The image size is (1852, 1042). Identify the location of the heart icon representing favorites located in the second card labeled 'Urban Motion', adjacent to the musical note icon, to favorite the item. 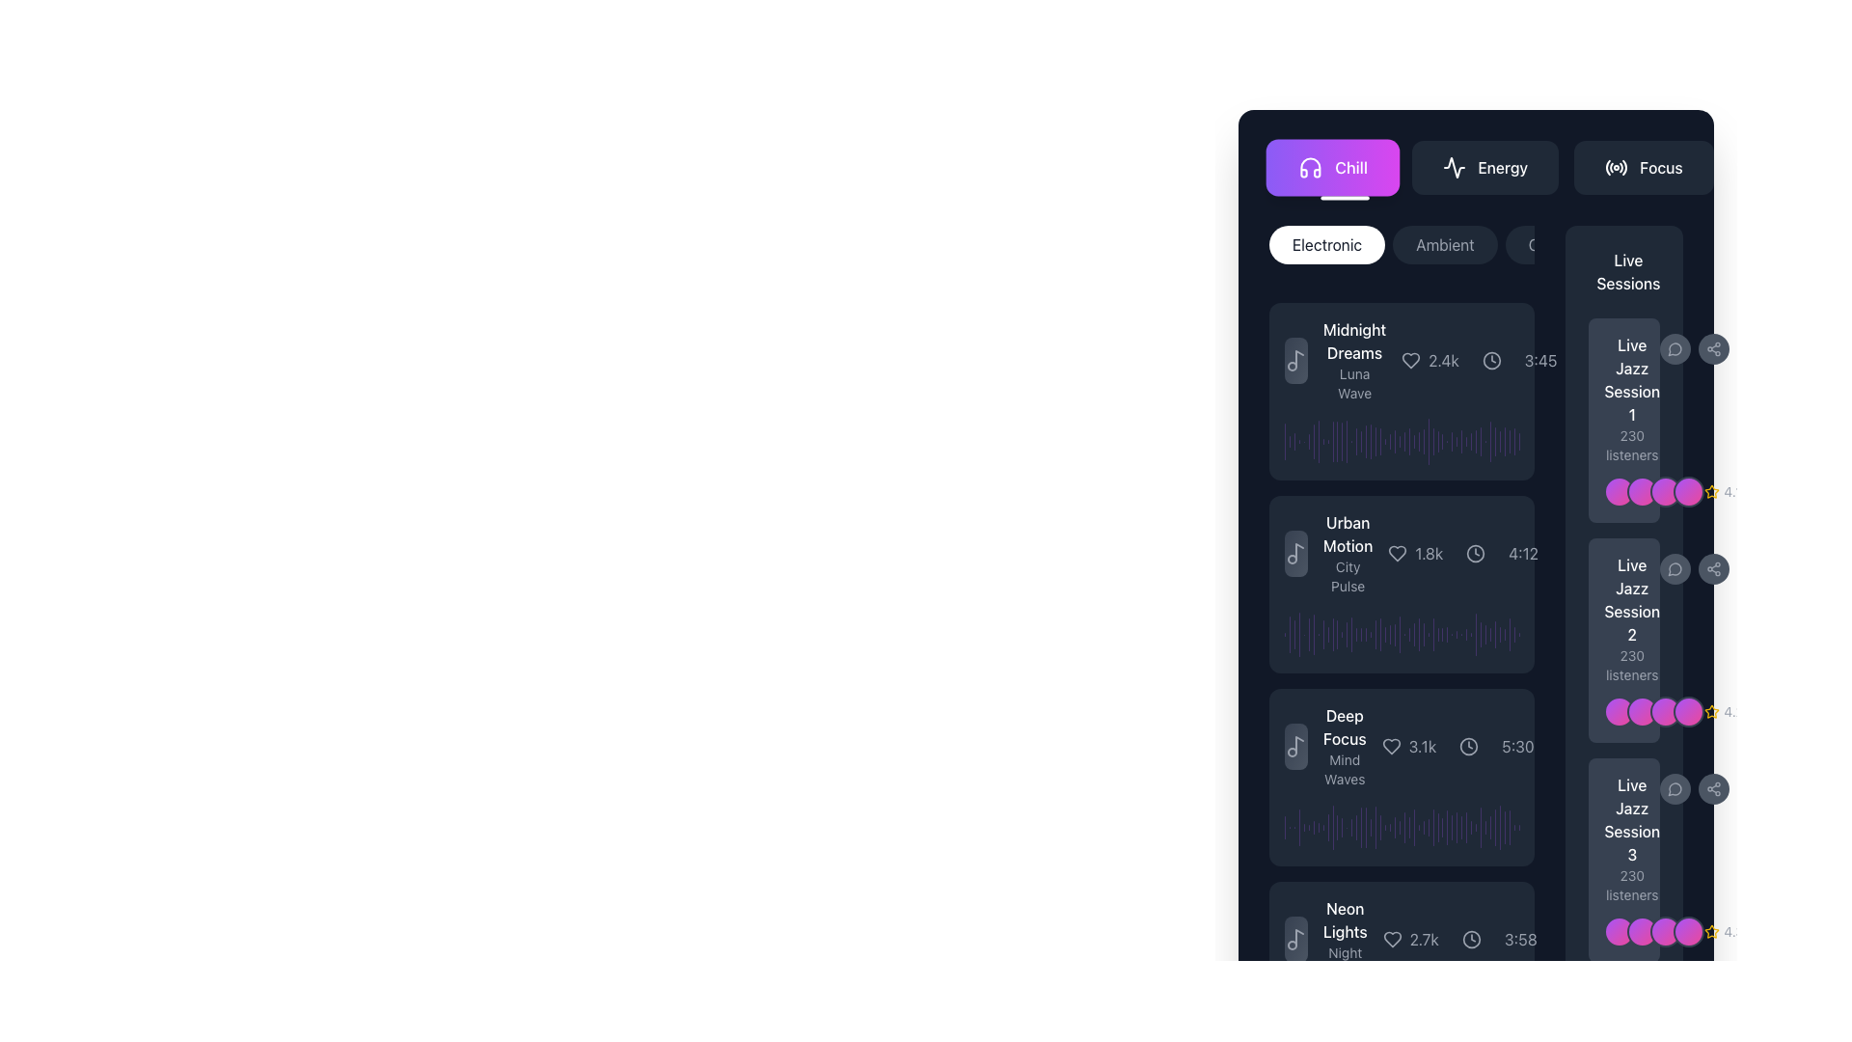
(1398, 554).